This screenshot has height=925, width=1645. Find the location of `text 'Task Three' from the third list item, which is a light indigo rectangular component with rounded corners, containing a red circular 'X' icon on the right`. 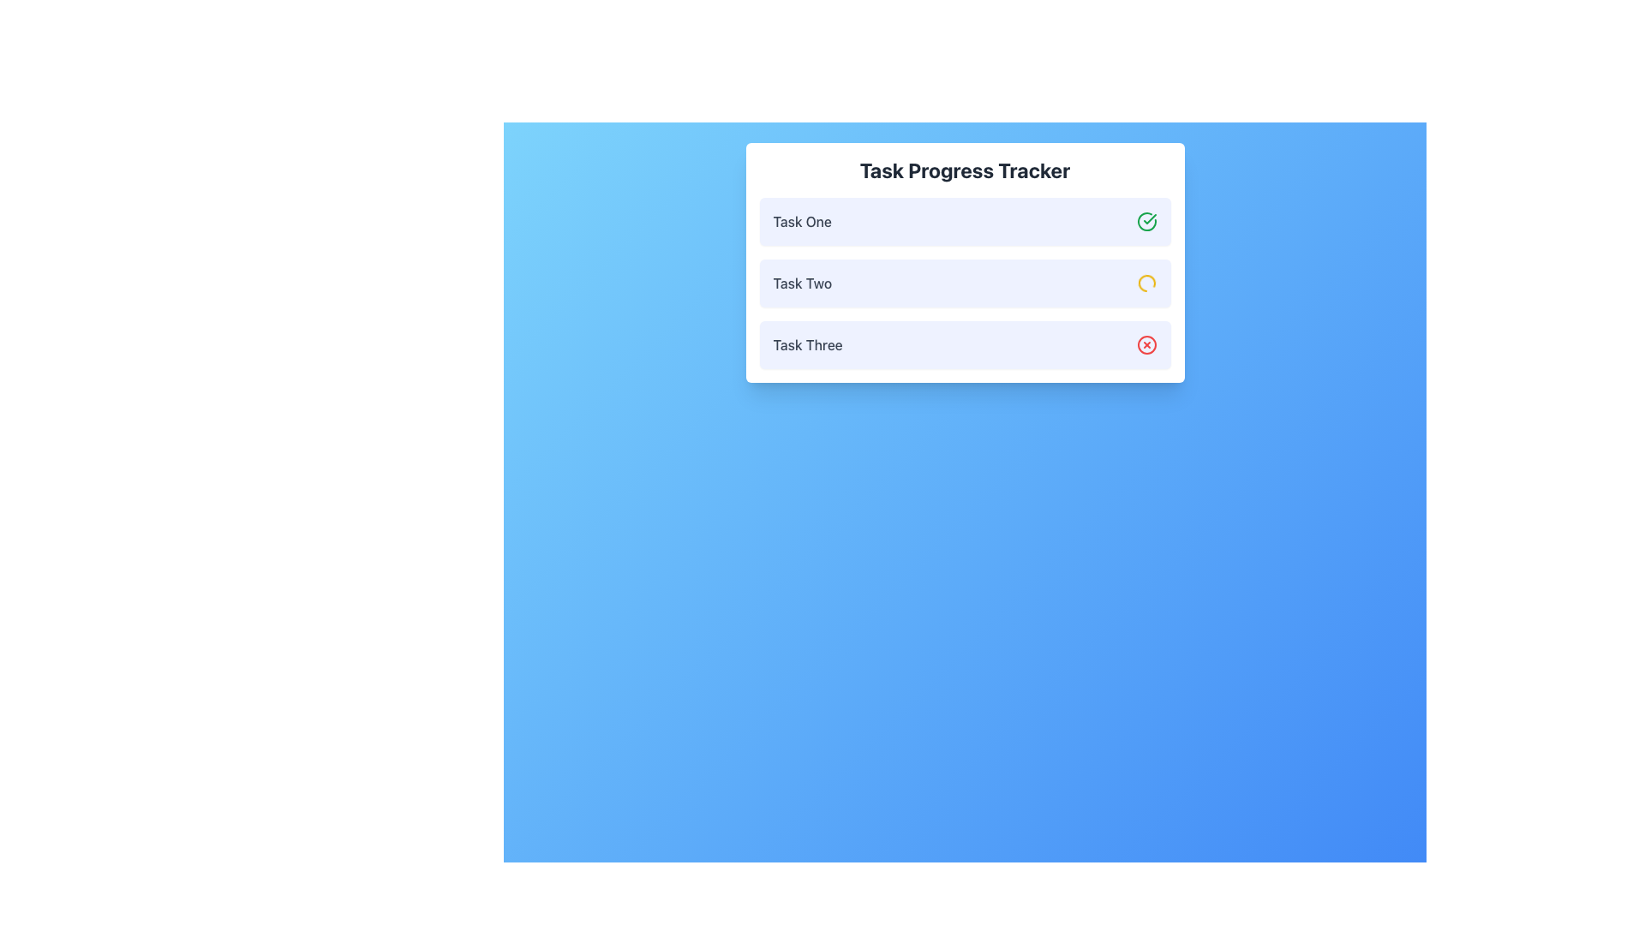

text 'Task Three' from the third list item, which is a light indigo rectangular component with rounded corners, containing a red circular 'X' icon on the right is located at coordinates (965, 344).